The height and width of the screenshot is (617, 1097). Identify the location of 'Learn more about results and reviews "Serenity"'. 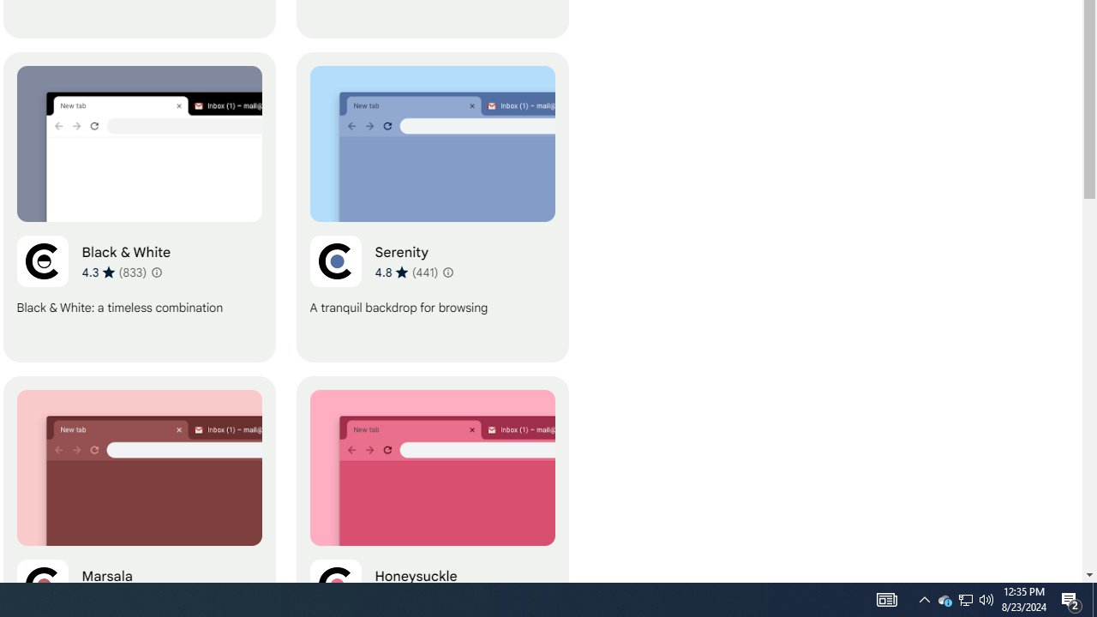
(447, 271).